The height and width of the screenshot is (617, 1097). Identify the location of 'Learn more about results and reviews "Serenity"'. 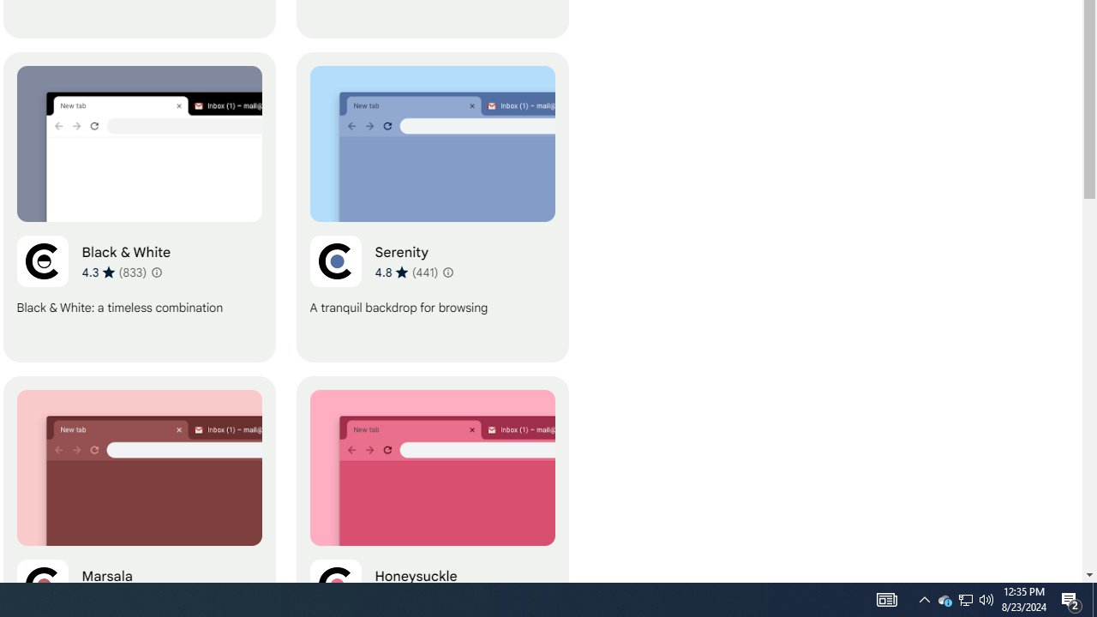
(447, 271).